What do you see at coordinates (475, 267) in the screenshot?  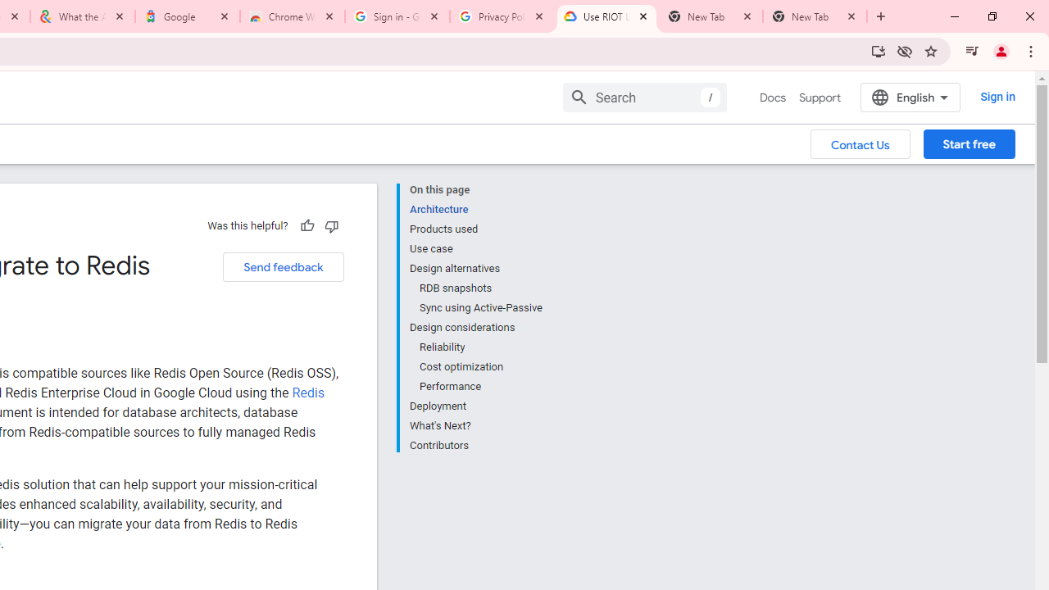 I see `'Design alternatives'` at bounding box center [475, 267].